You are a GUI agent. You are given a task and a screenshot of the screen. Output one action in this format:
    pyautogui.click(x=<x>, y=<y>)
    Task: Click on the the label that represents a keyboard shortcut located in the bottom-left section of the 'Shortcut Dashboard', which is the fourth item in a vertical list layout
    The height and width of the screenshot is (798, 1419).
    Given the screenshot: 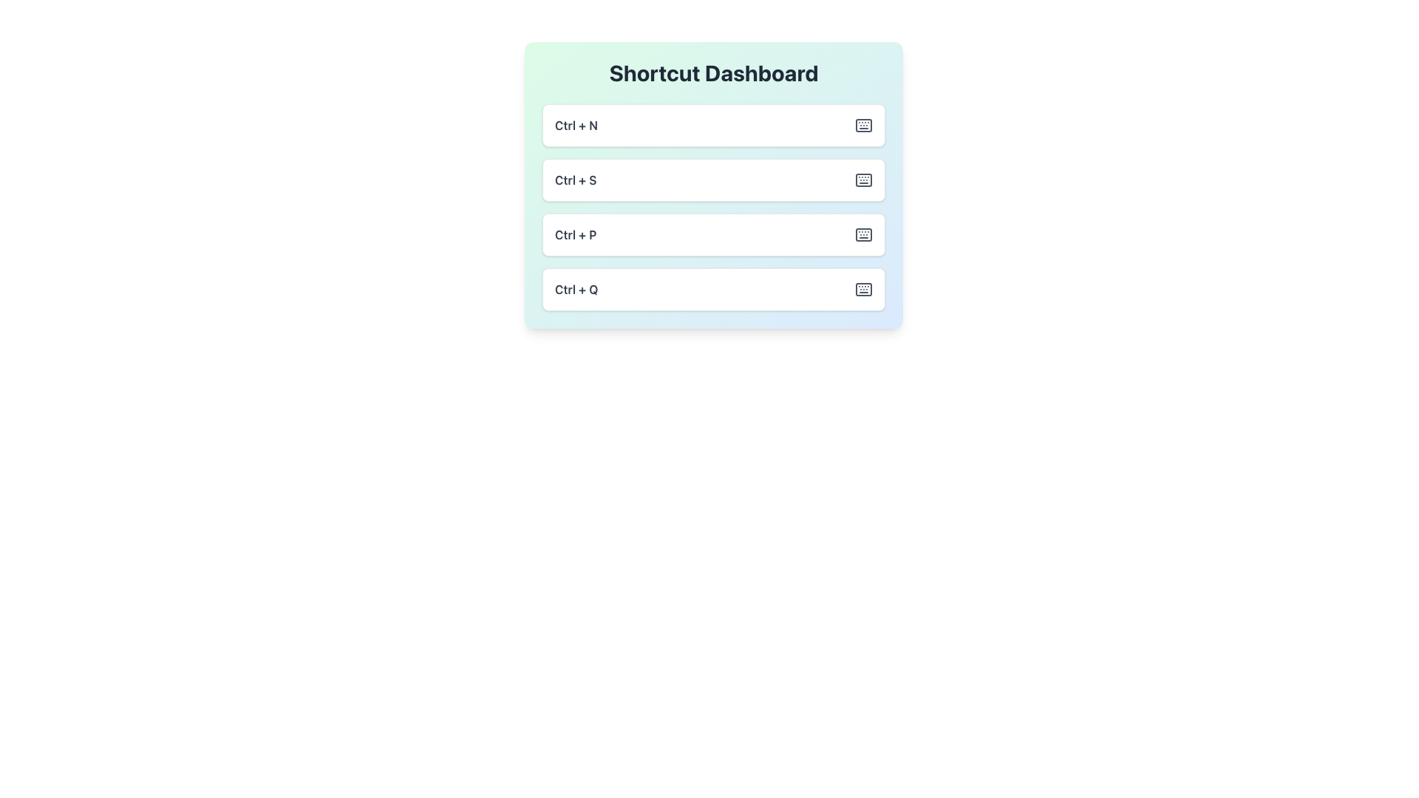 What is the action you would take?
    pyautogui.click(x=576, y=290)
    